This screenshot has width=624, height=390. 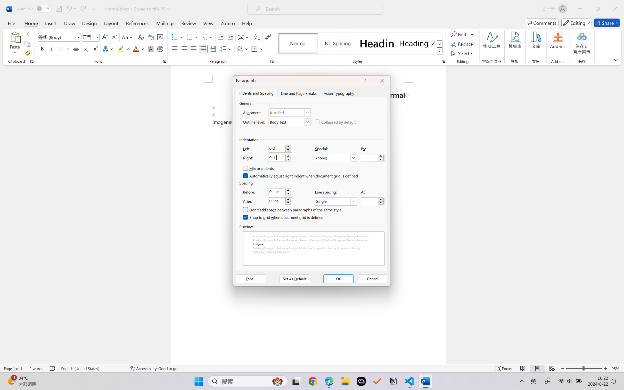 I want to click on 'Class: MsoCommandBar', so click(x=312, y=368).